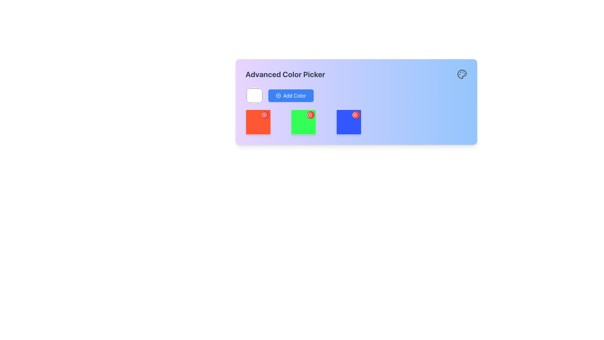 The width and height of the screenshot is (604, 340). What do you see at coordinates (355, 115) in the screenshot?
I see `the circular graphical component which is part of the close or selection marker located within the blue square block, the third square from the left in the bottom row of the grid under the 'Advanced Color Picker' heading` at bounding box center [355, 115].